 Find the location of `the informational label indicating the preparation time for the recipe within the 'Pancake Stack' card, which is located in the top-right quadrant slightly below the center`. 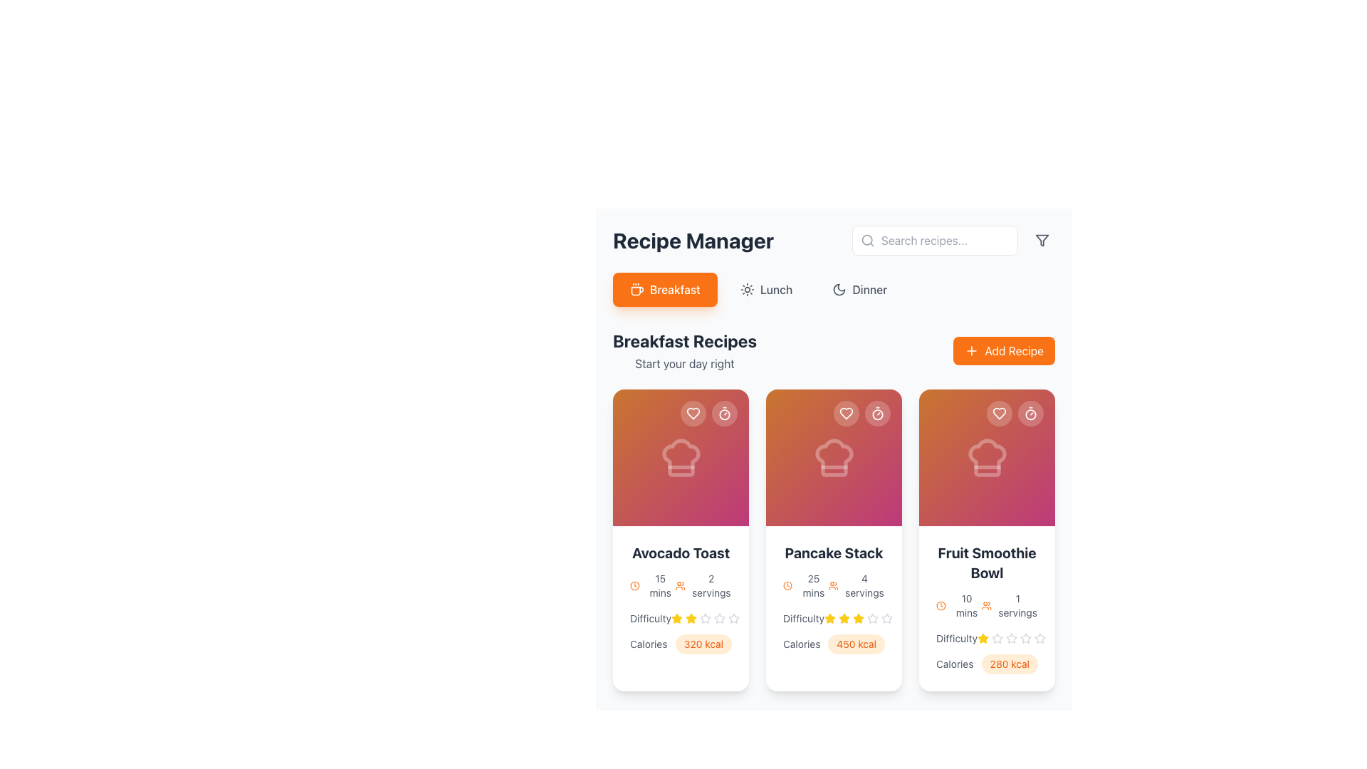

the informational label indicating the preparation time for the recipe within the 'Pancake Stack' card, which is located in the top-right quadrant slightly below the center is located at coordinates (806, 585).